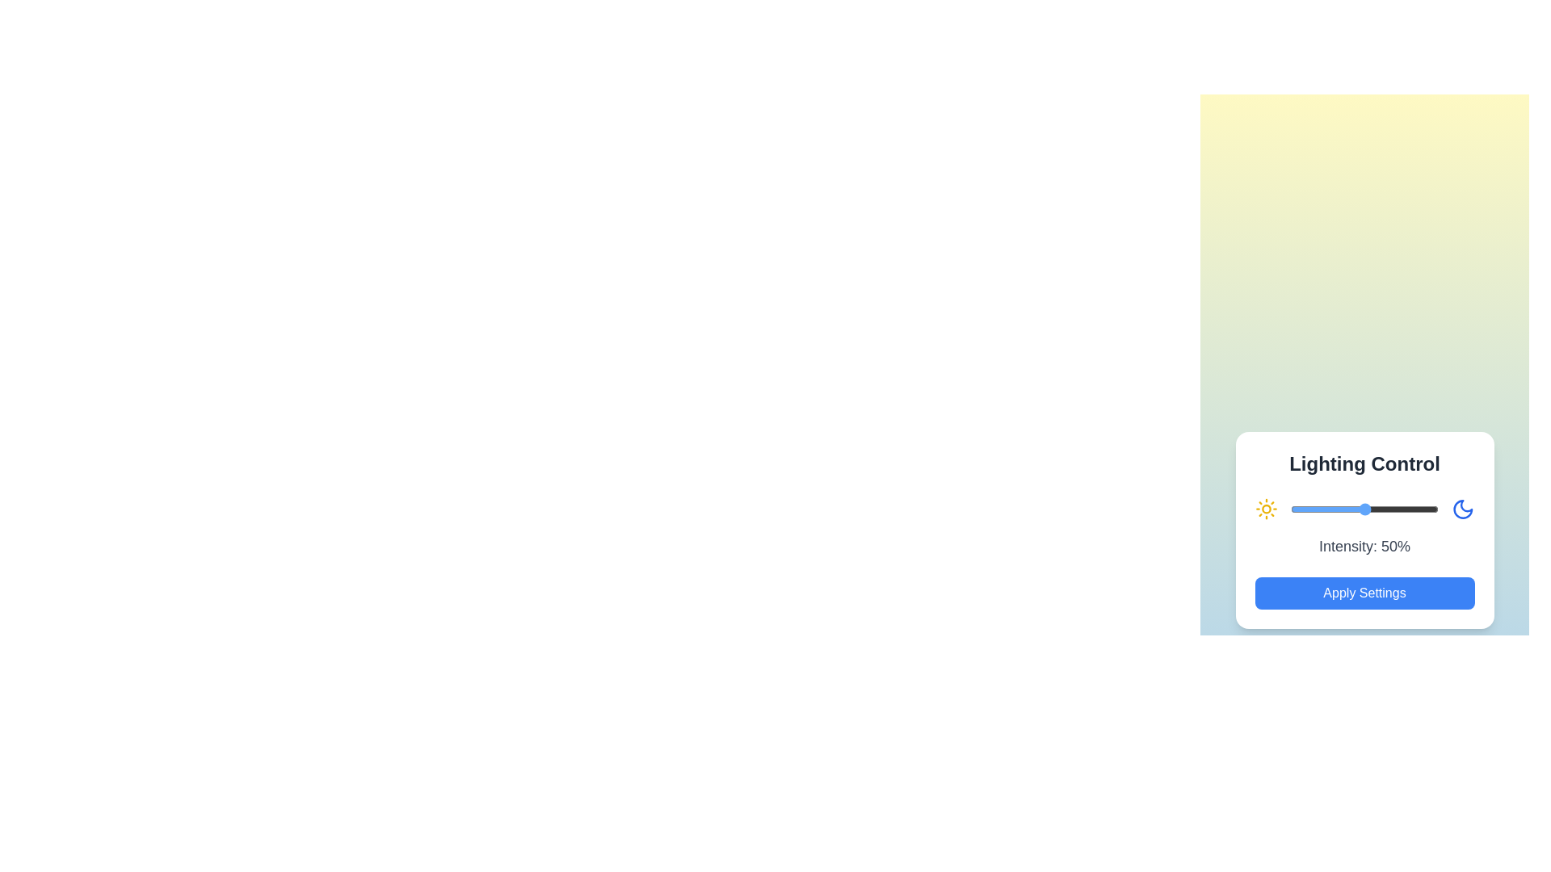  What do you see at coordinates (1412, 509) in the screenshot?
I see `the slider to set the lighting intensity to 83%` at bounding box center [1412, 509].